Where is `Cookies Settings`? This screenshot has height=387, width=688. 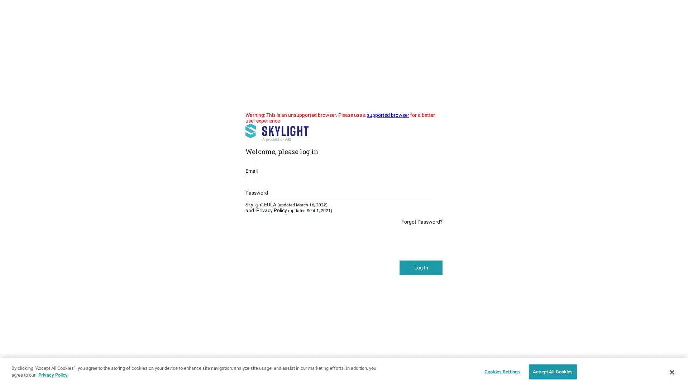 Cookies Settings is located at coordinates (500, 371).